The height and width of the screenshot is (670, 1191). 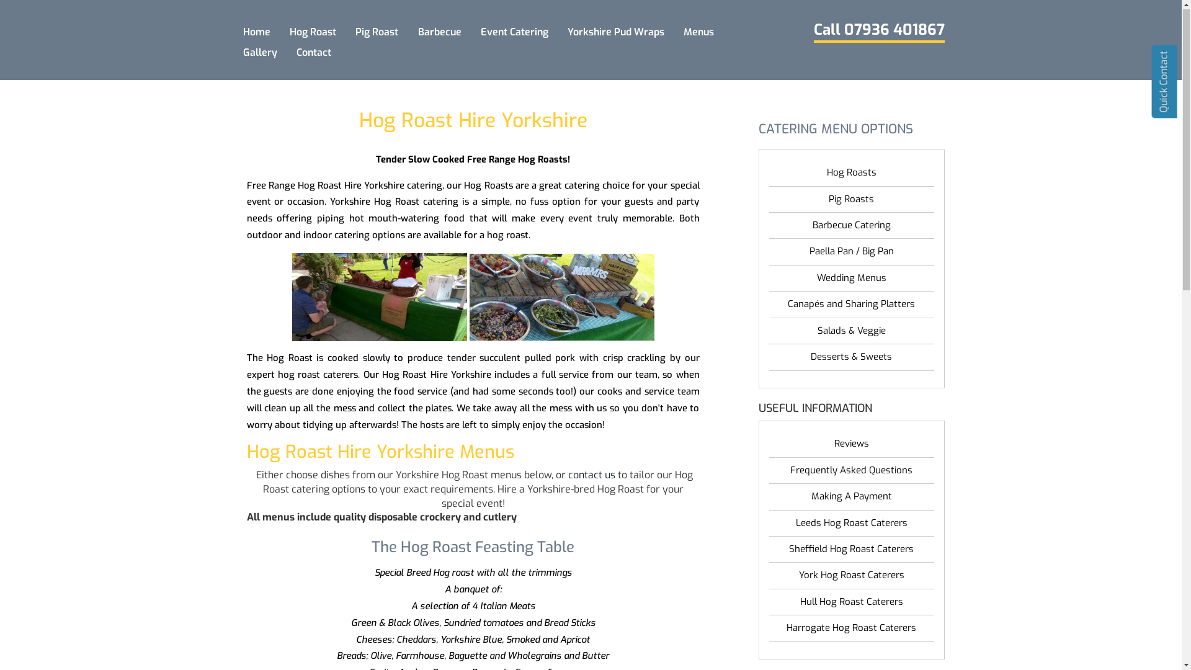 I want to click on 'Barbecue Catering', so click(x=850, y=226).